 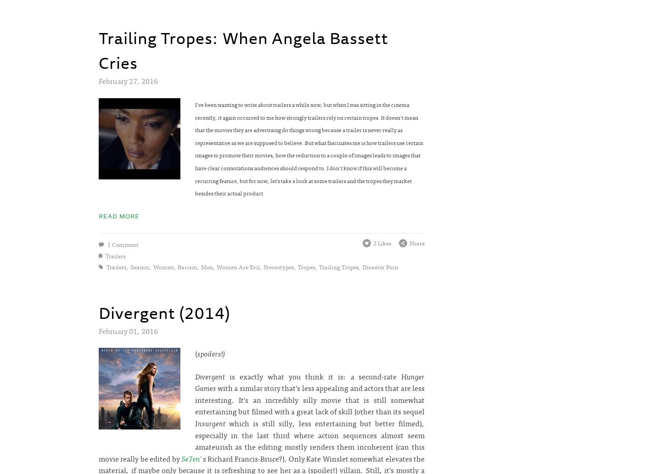 I want to click on 'Se7en', so click(x=180, y=457).